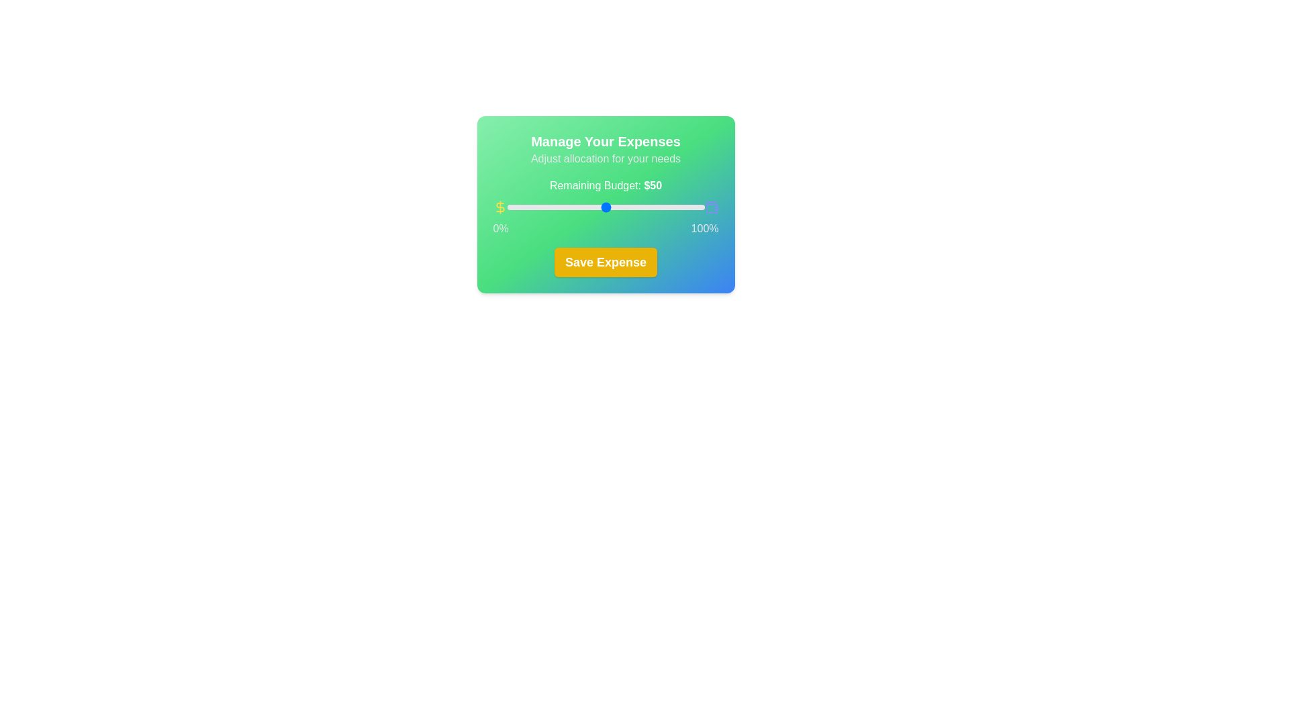  I want to click on the slider to set the budget allocation to 91%, so click(686, 207).